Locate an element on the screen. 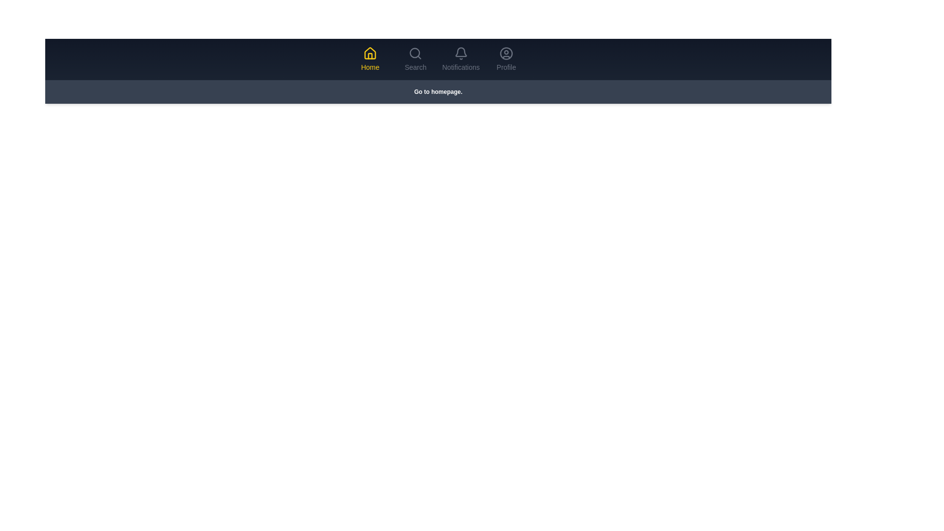 Image resolution: width=944 pixels, height=531 pixels. the Search tab to view its content is located at coordinates (415, 59).